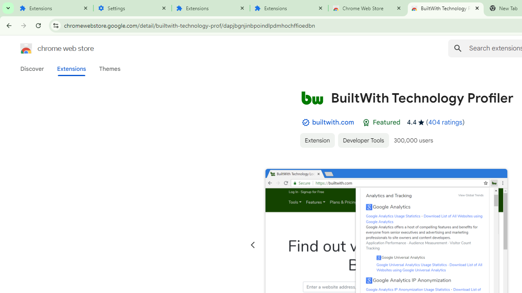 Image resolution: width=522 pixels, height=293 pixels. Describe the element at coordinates (26, 48) in the screenshot. I see `'Chrome Web Store logo'` at that location.